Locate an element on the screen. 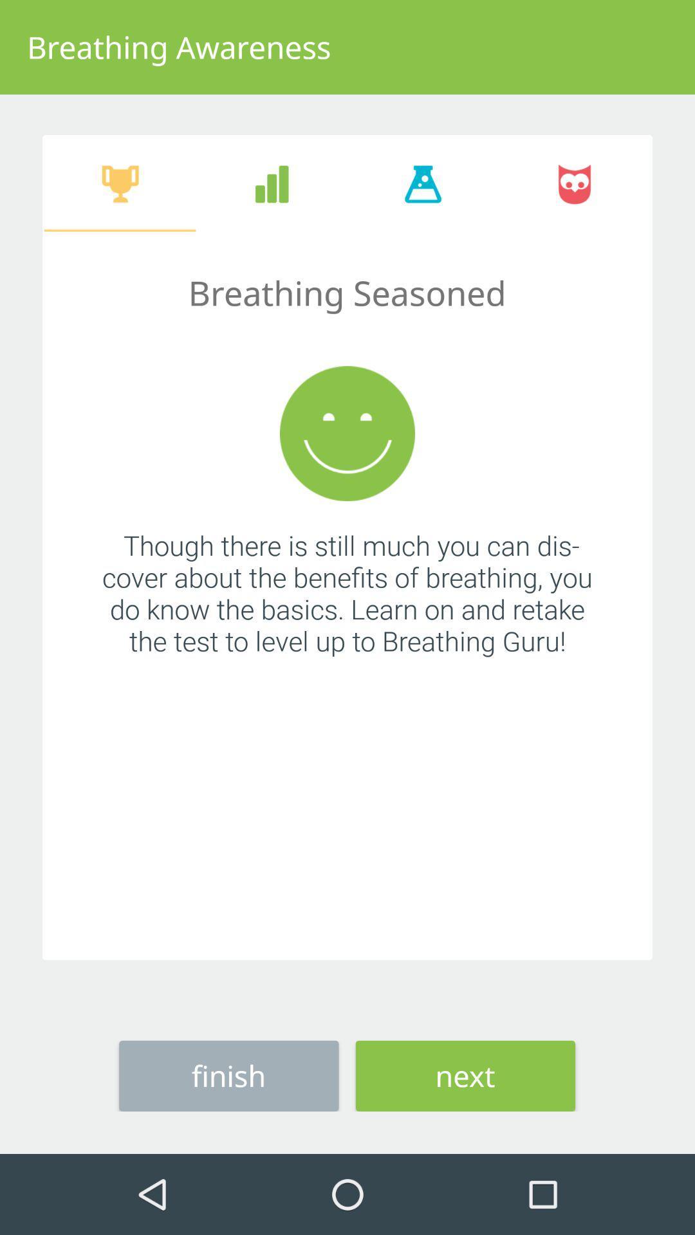 This screenshot has height=1235, width=695. icon to the left of the next button is located at coordinates (228, 1075).